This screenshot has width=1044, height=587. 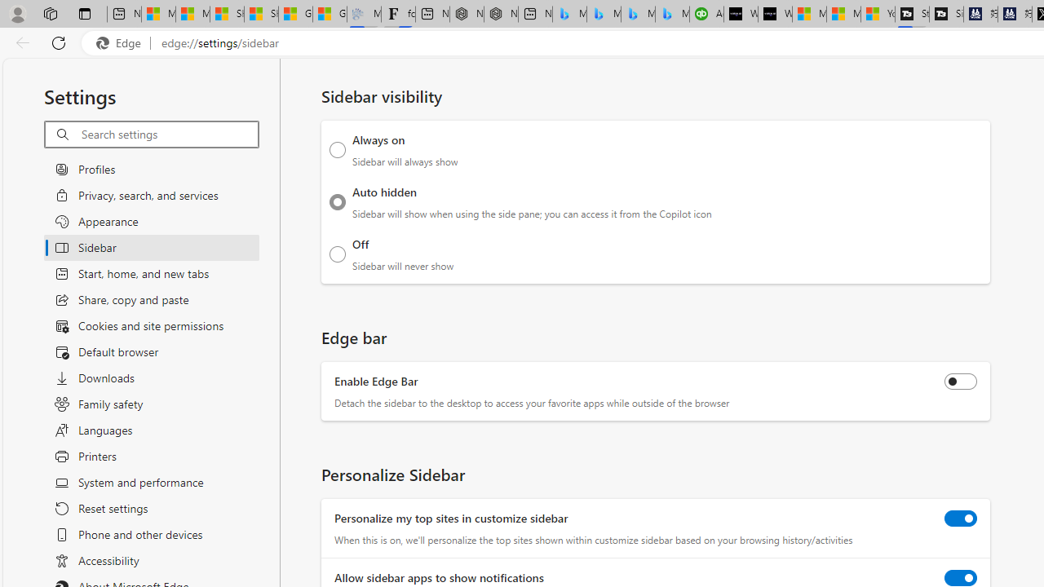 I want to click on 'Personalize my top sites in customize sidebar', so click(x=961, y=518).